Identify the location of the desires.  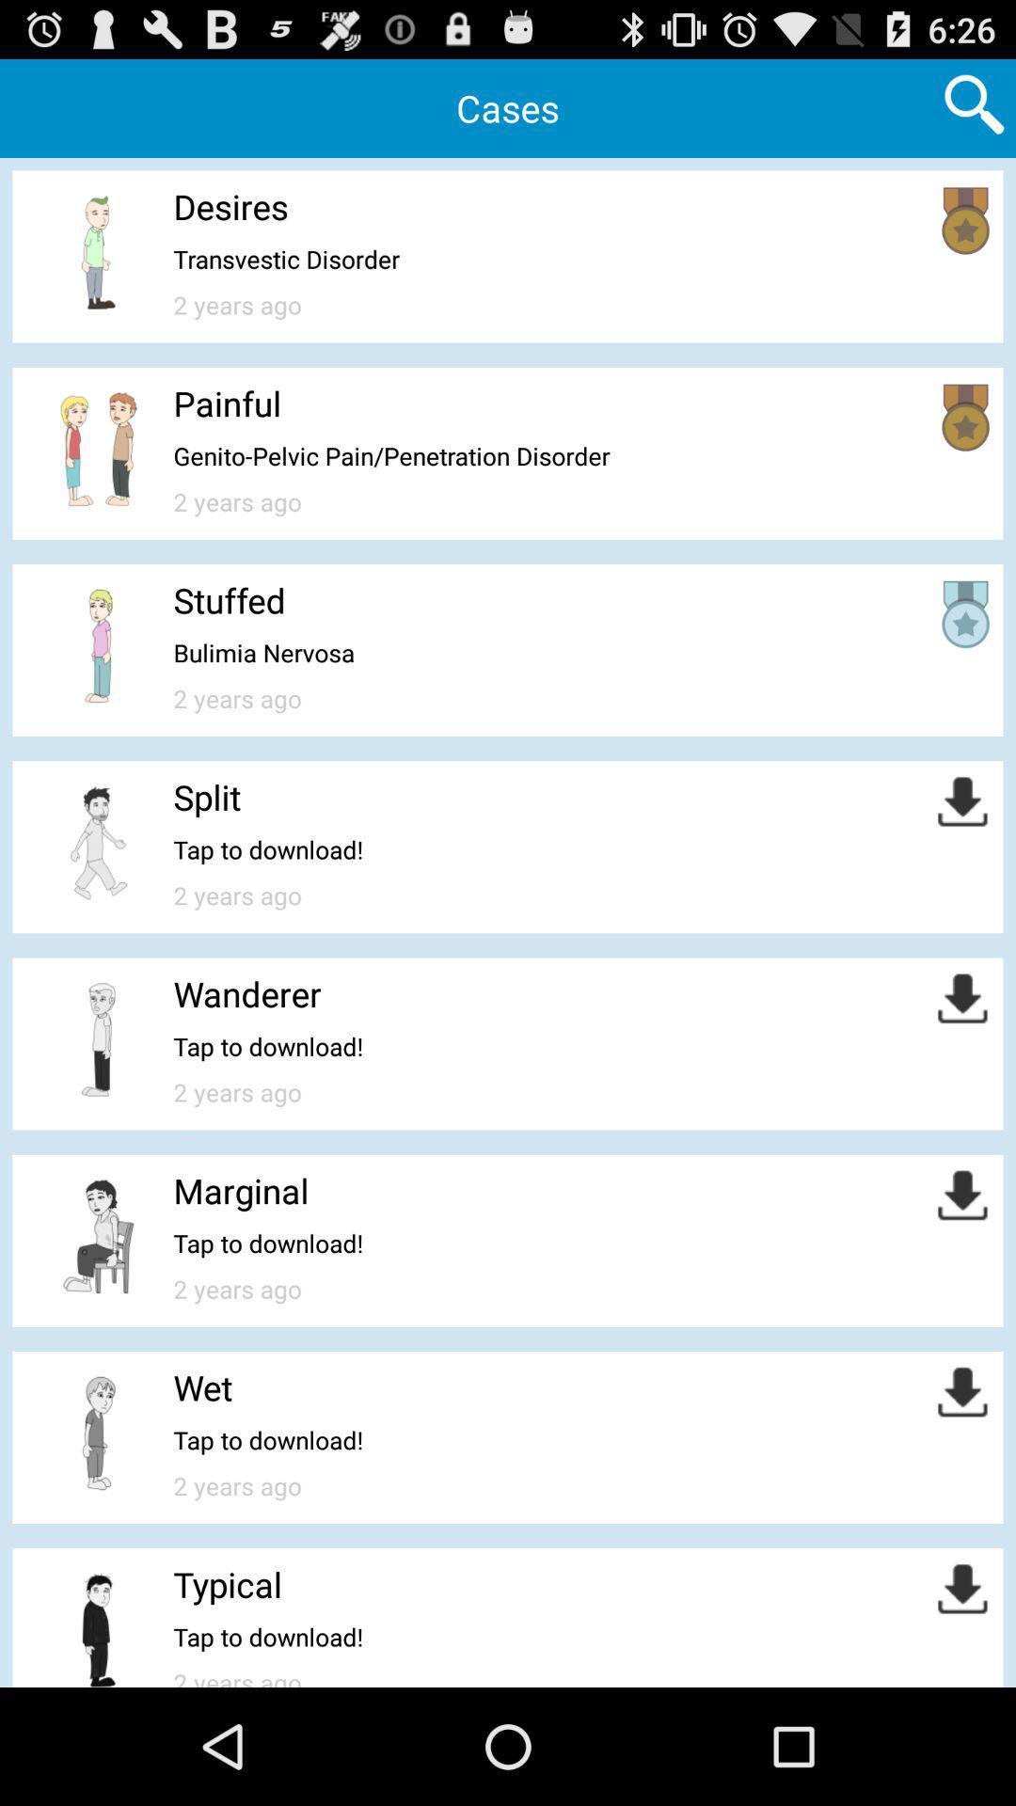
(230, 206).